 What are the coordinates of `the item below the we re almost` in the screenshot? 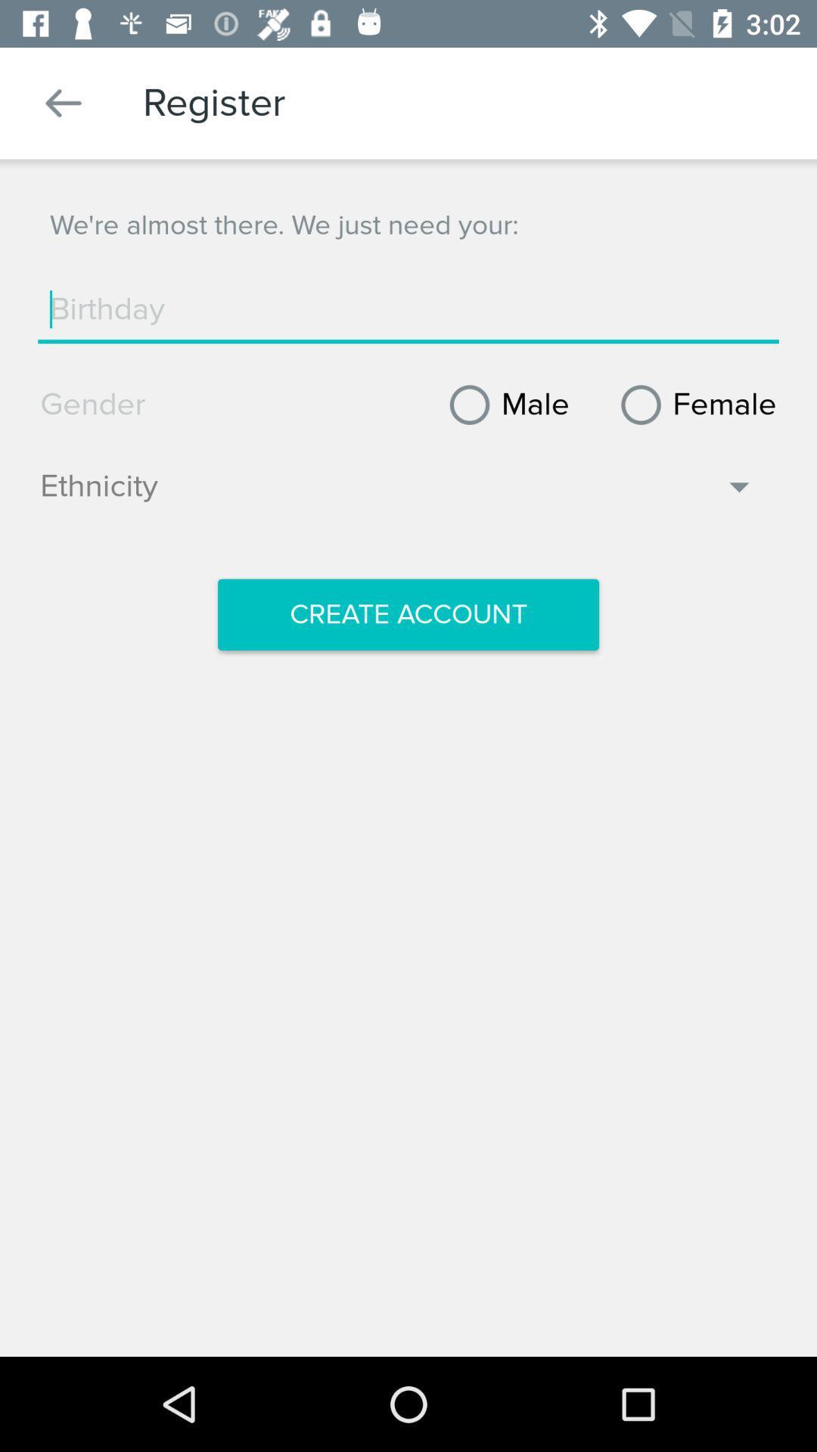 It's located at (408, 309).